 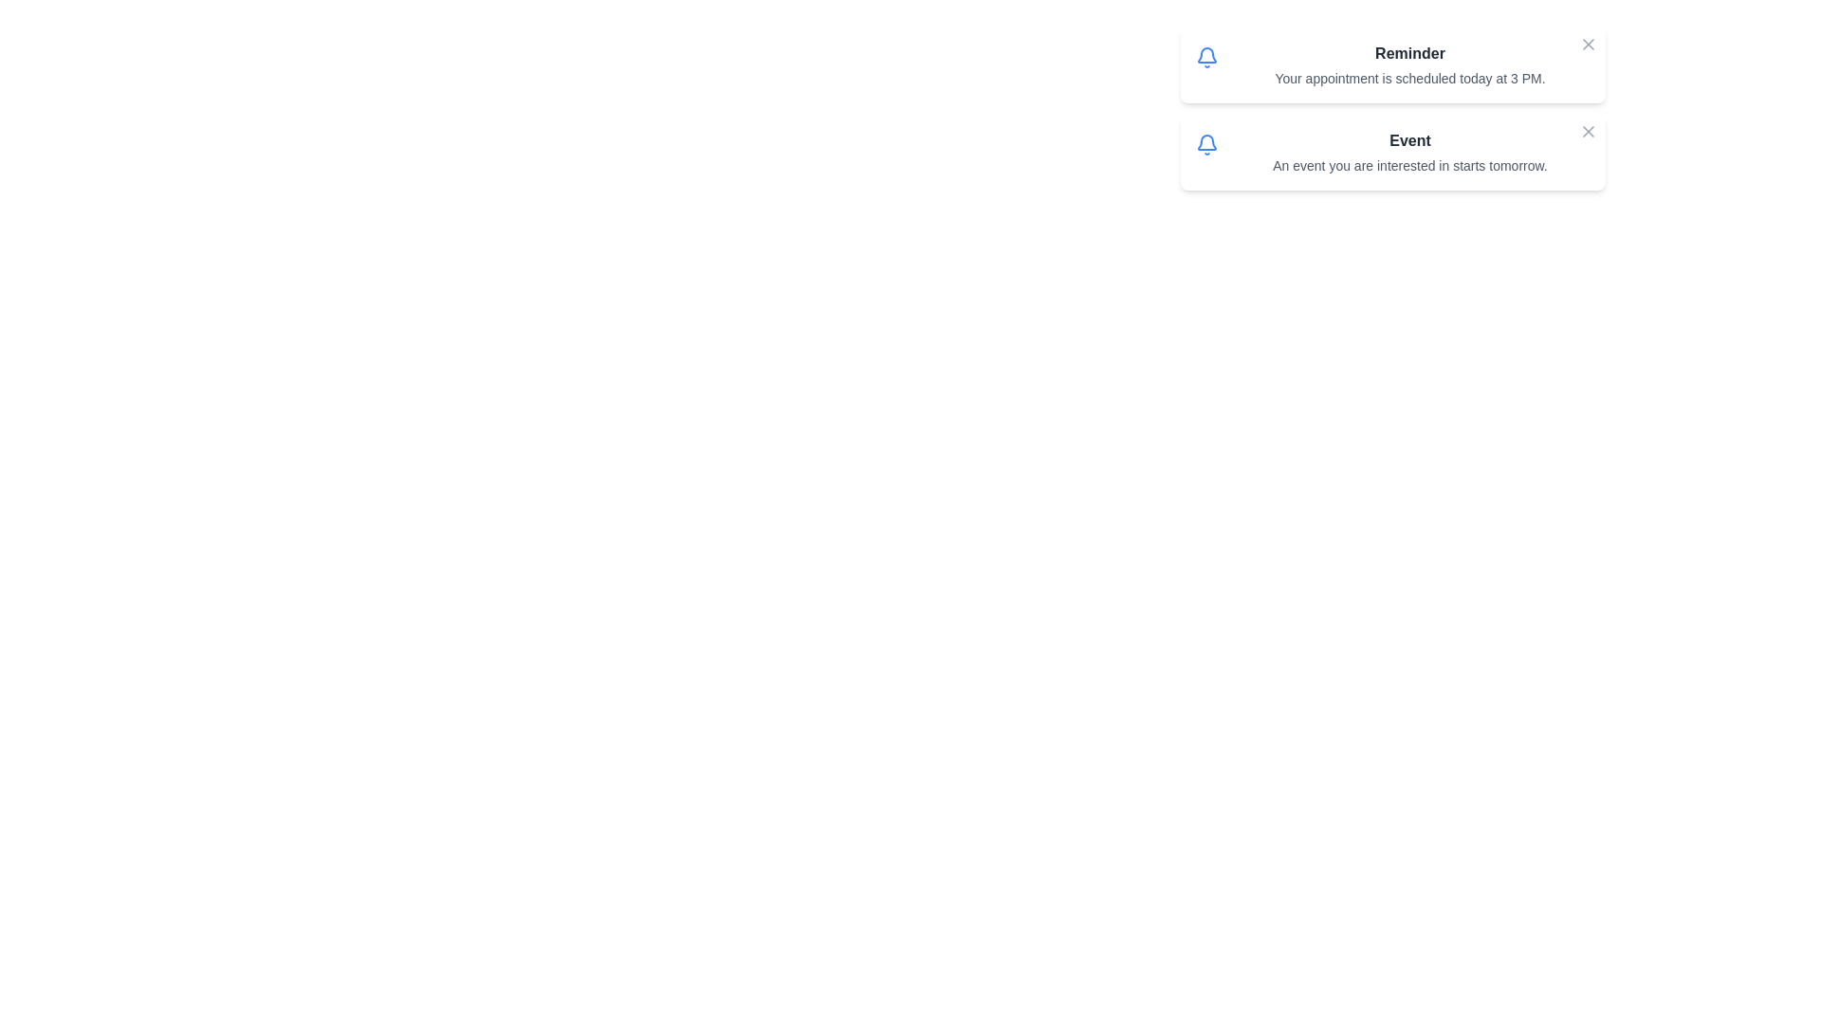 What do you see at coordinates (1410, 78) in the screenshot?
I see `the Text Label displaying the reminder message about a scheduled appointment, which is located below the 'Reminder' title within a notification card` at bounding box center [1410, 78].